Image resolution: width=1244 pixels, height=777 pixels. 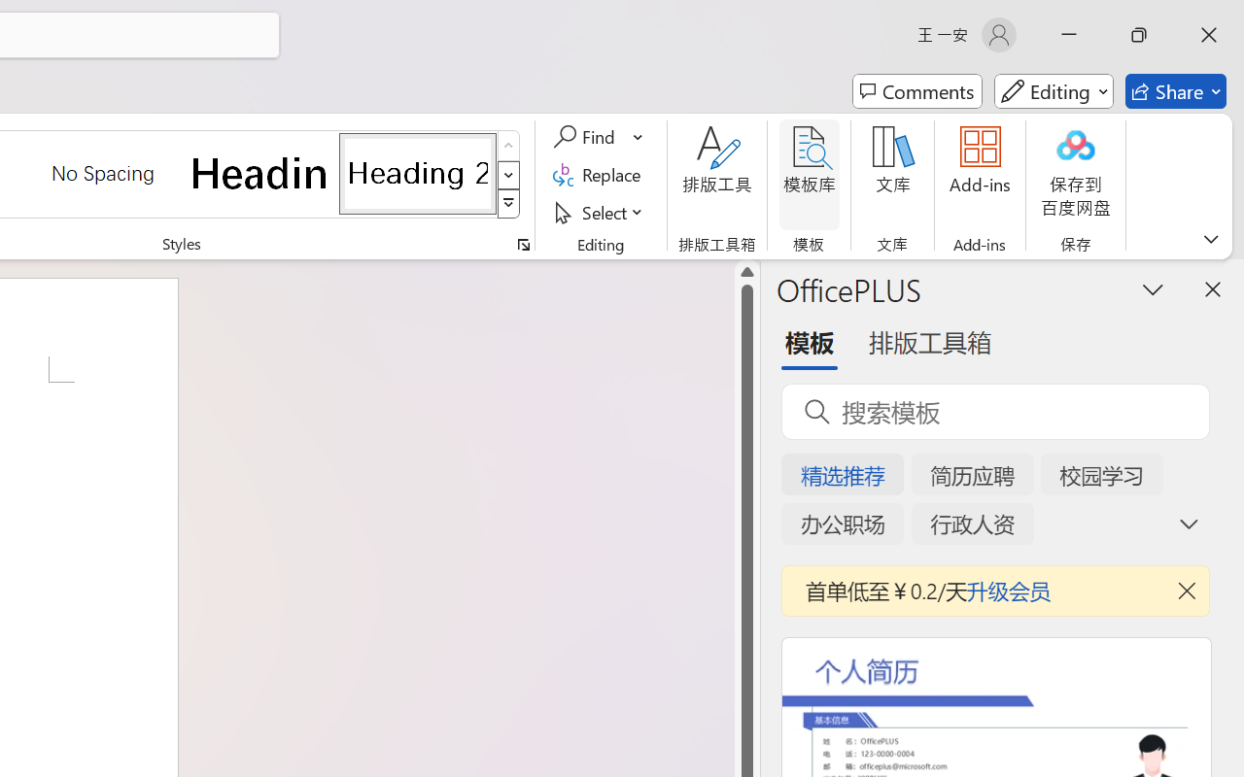 I want to click on 'Ribbon Display Options', so click(x=1210, y=238).